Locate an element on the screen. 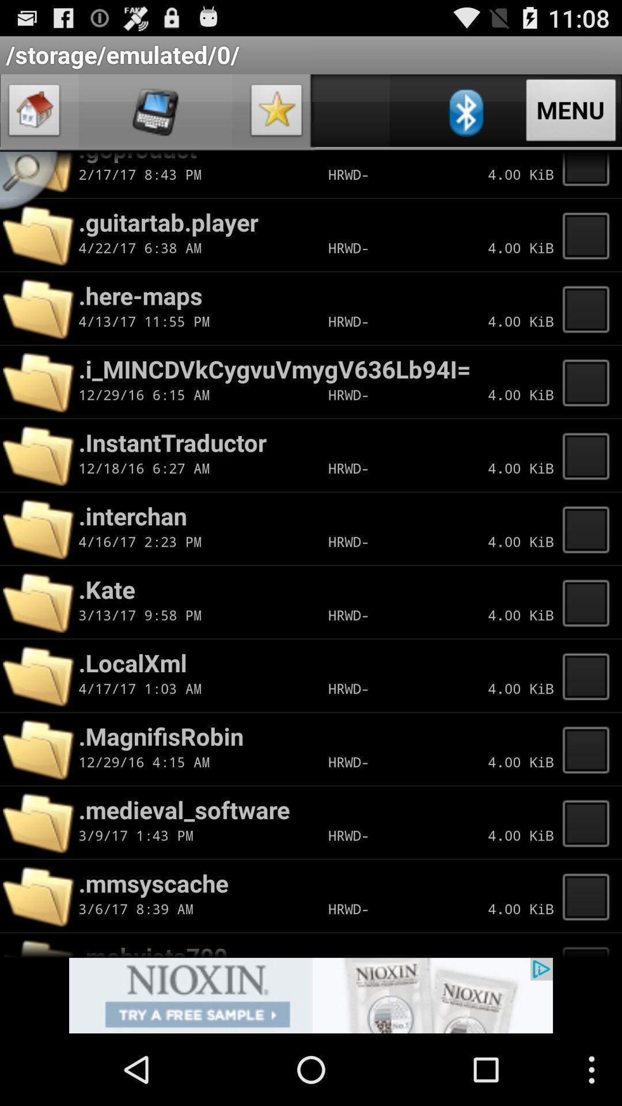 The width and height of the screenshot is (622, 1106). new tape is located at coordinates (589, 234).